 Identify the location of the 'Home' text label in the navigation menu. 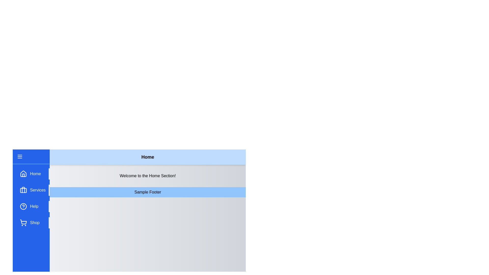
(35, 173).